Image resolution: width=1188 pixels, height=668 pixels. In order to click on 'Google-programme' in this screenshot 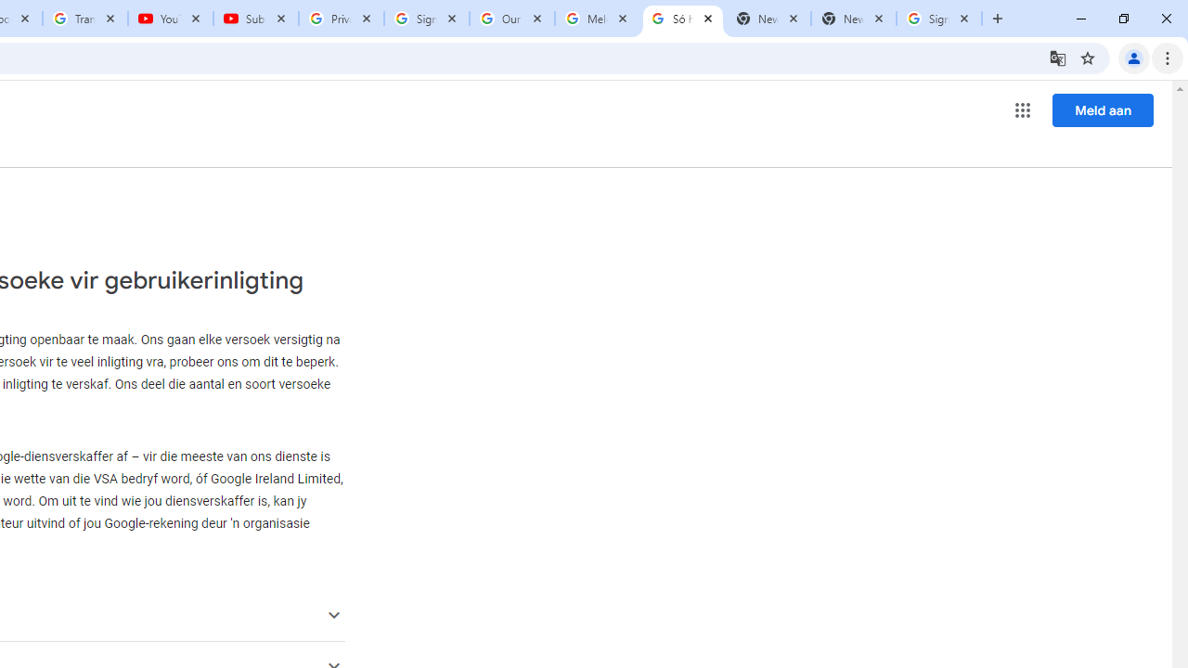, I will do `click(1022, 110)`.